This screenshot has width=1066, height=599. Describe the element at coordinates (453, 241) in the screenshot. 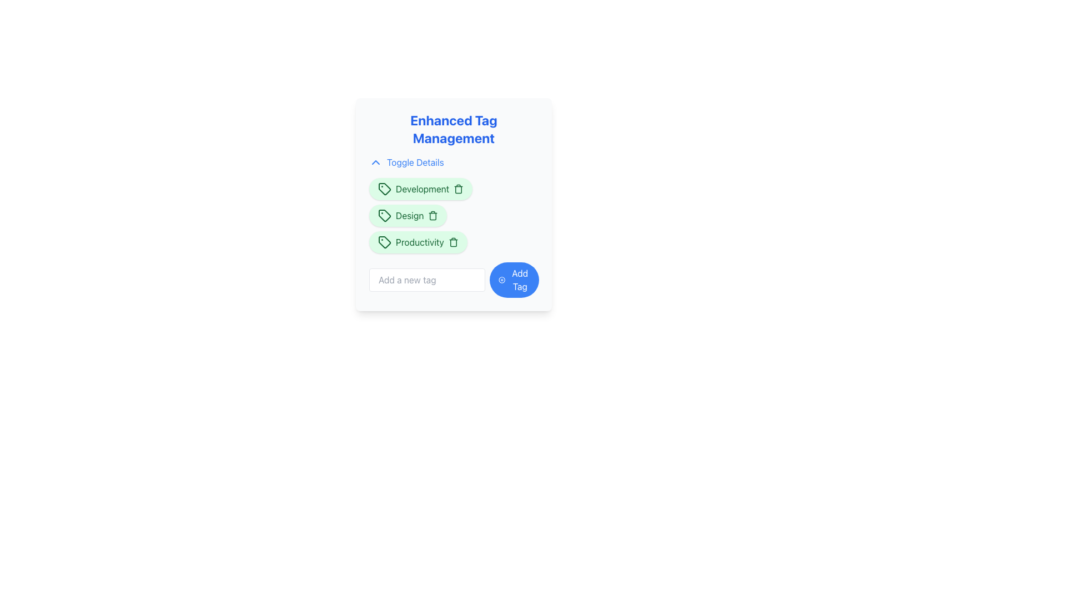

I see `the third icon button under the 'Productivity' label` at that location.